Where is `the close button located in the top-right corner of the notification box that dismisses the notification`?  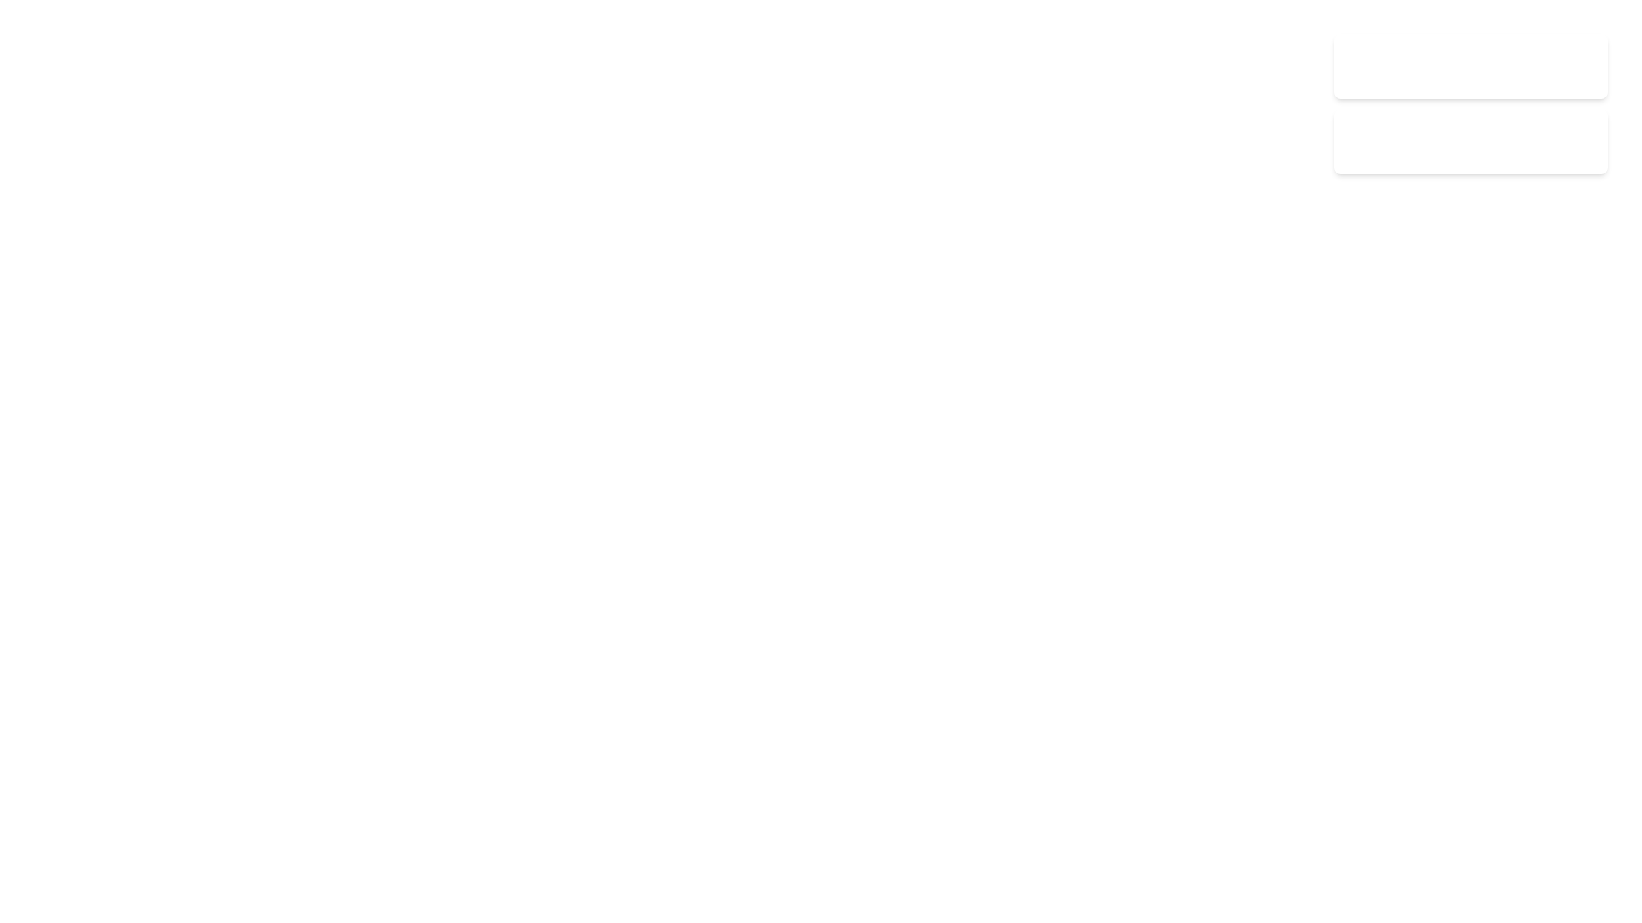 the close button located in the top-right corner of the notification box that dismisses the notification is located at coordinates (1584, 140).